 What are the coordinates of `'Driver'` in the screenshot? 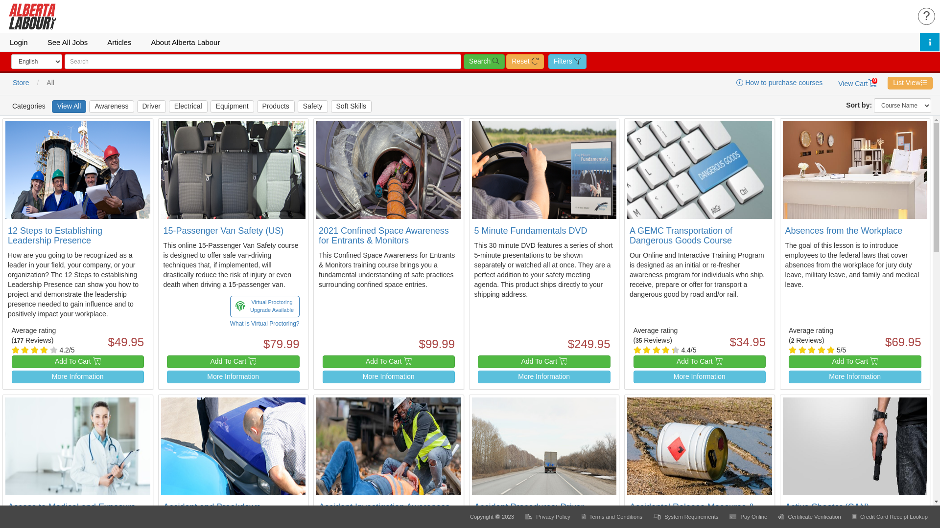 It's located at (136, 107).